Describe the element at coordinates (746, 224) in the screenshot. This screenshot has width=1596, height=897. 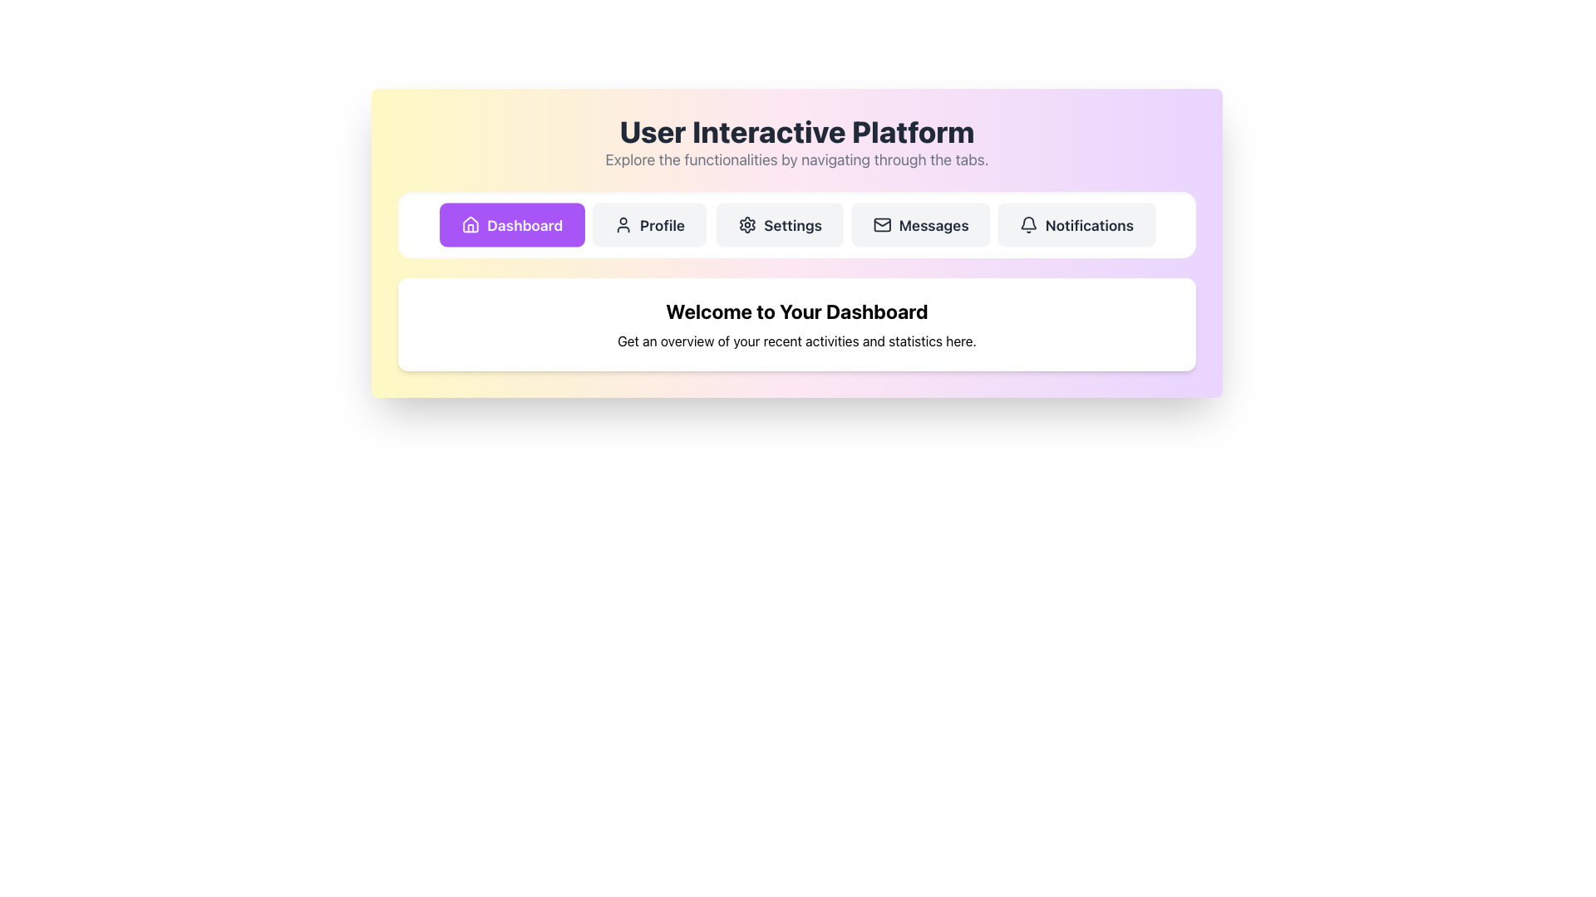
I see `the gear-shaped icon in the settings button located in the navigation bar` at that location.